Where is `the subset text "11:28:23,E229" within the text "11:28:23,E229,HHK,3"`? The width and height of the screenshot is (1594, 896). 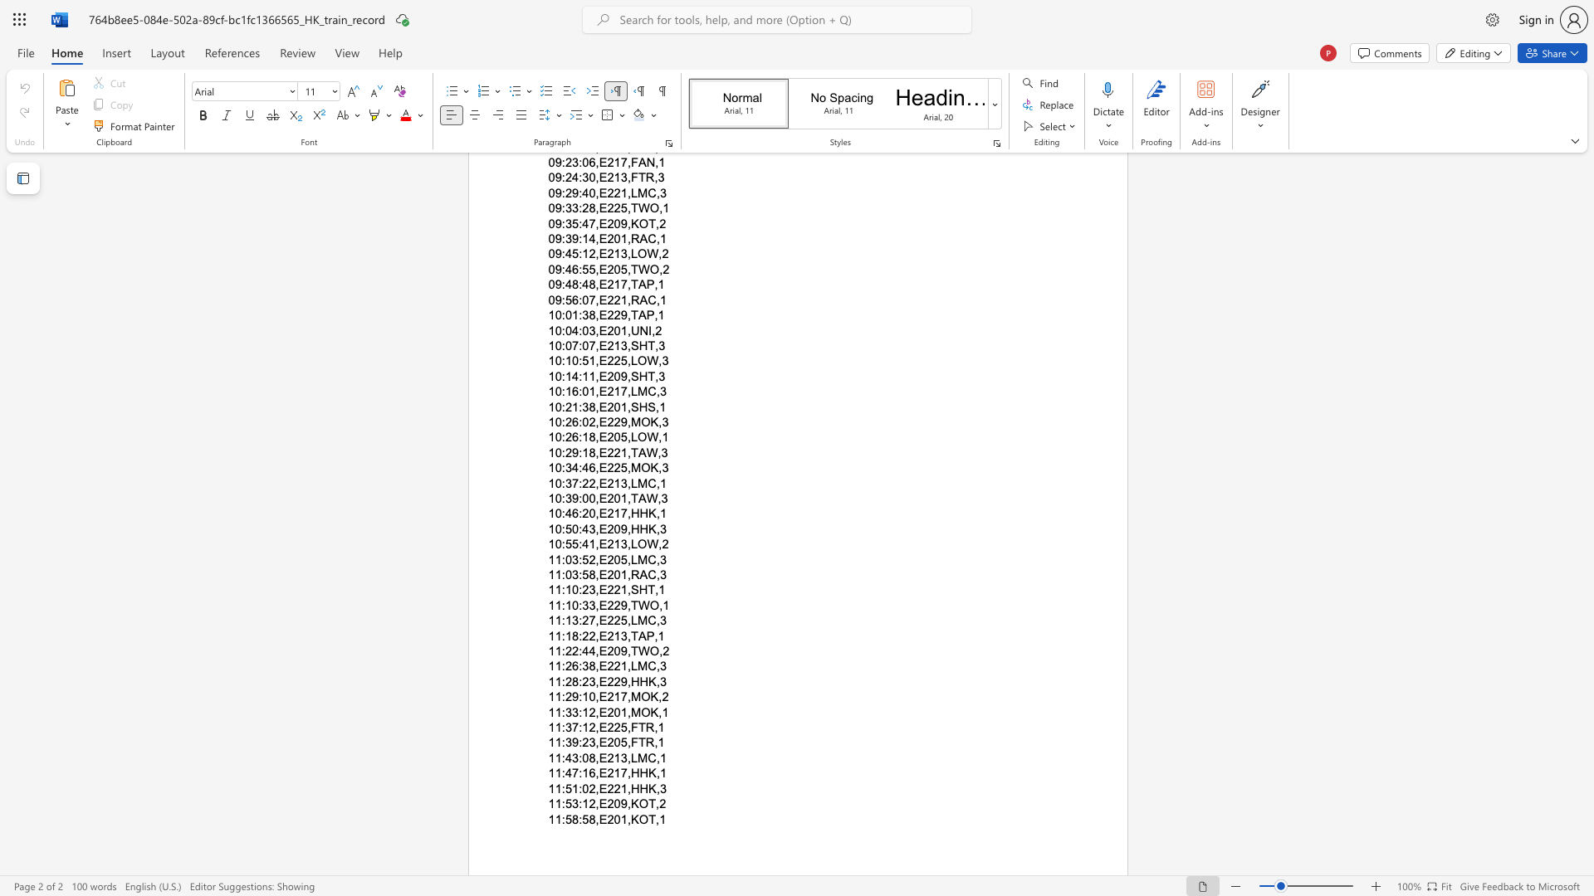
the subset text "11:28:23,E229" within the text "11:28:23,E229,HHK,3" is located at coordinates (548, 681).